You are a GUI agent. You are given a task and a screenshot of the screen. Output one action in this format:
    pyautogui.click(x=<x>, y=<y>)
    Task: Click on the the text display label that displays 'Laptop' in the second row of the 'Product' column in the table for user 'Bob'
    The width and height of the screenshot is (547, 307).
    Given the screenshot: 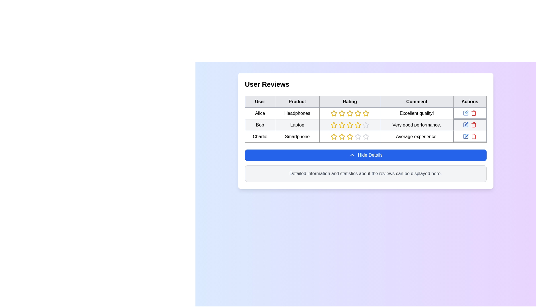 What is the action you would take?
    pyautogui.click(x=297, y=125)
    